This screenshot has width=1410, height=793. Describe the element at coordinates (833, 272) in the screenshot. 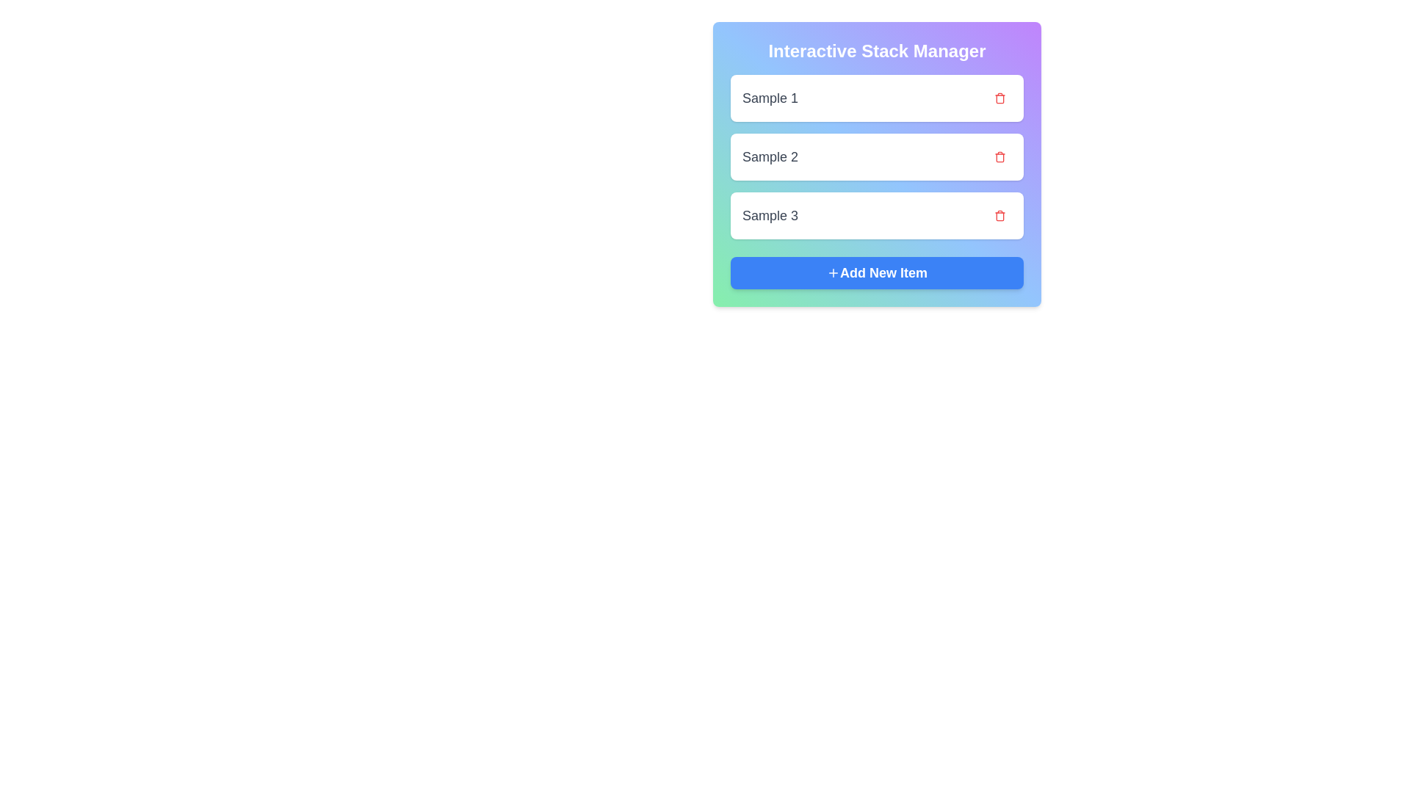

I see `the plus sign icon located within the 'Add New Item' button` at that location.